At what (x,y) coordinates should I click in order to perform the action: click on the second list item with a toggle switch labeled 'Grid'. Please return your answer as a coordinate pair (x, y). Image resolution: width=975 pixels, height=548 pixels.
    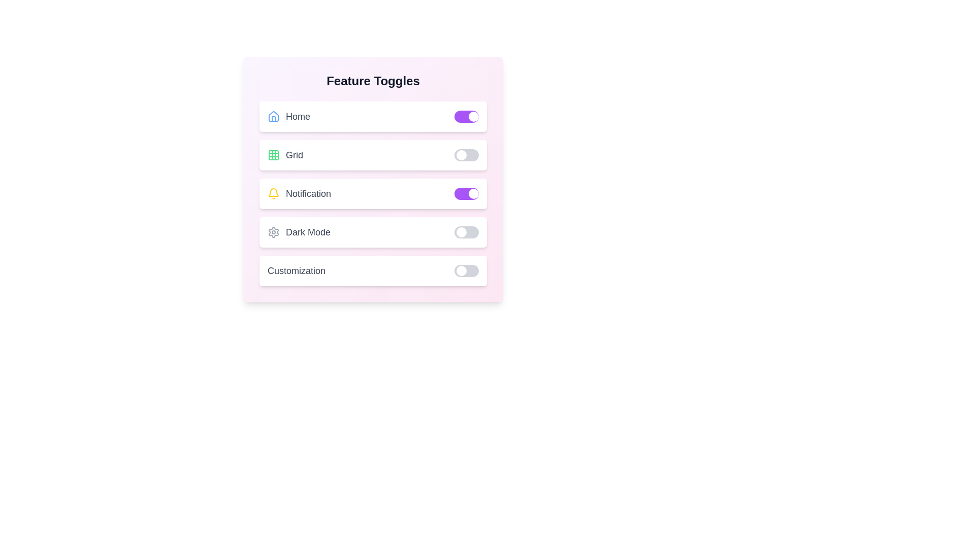
    Looking at the image, I should click on (372, 155).